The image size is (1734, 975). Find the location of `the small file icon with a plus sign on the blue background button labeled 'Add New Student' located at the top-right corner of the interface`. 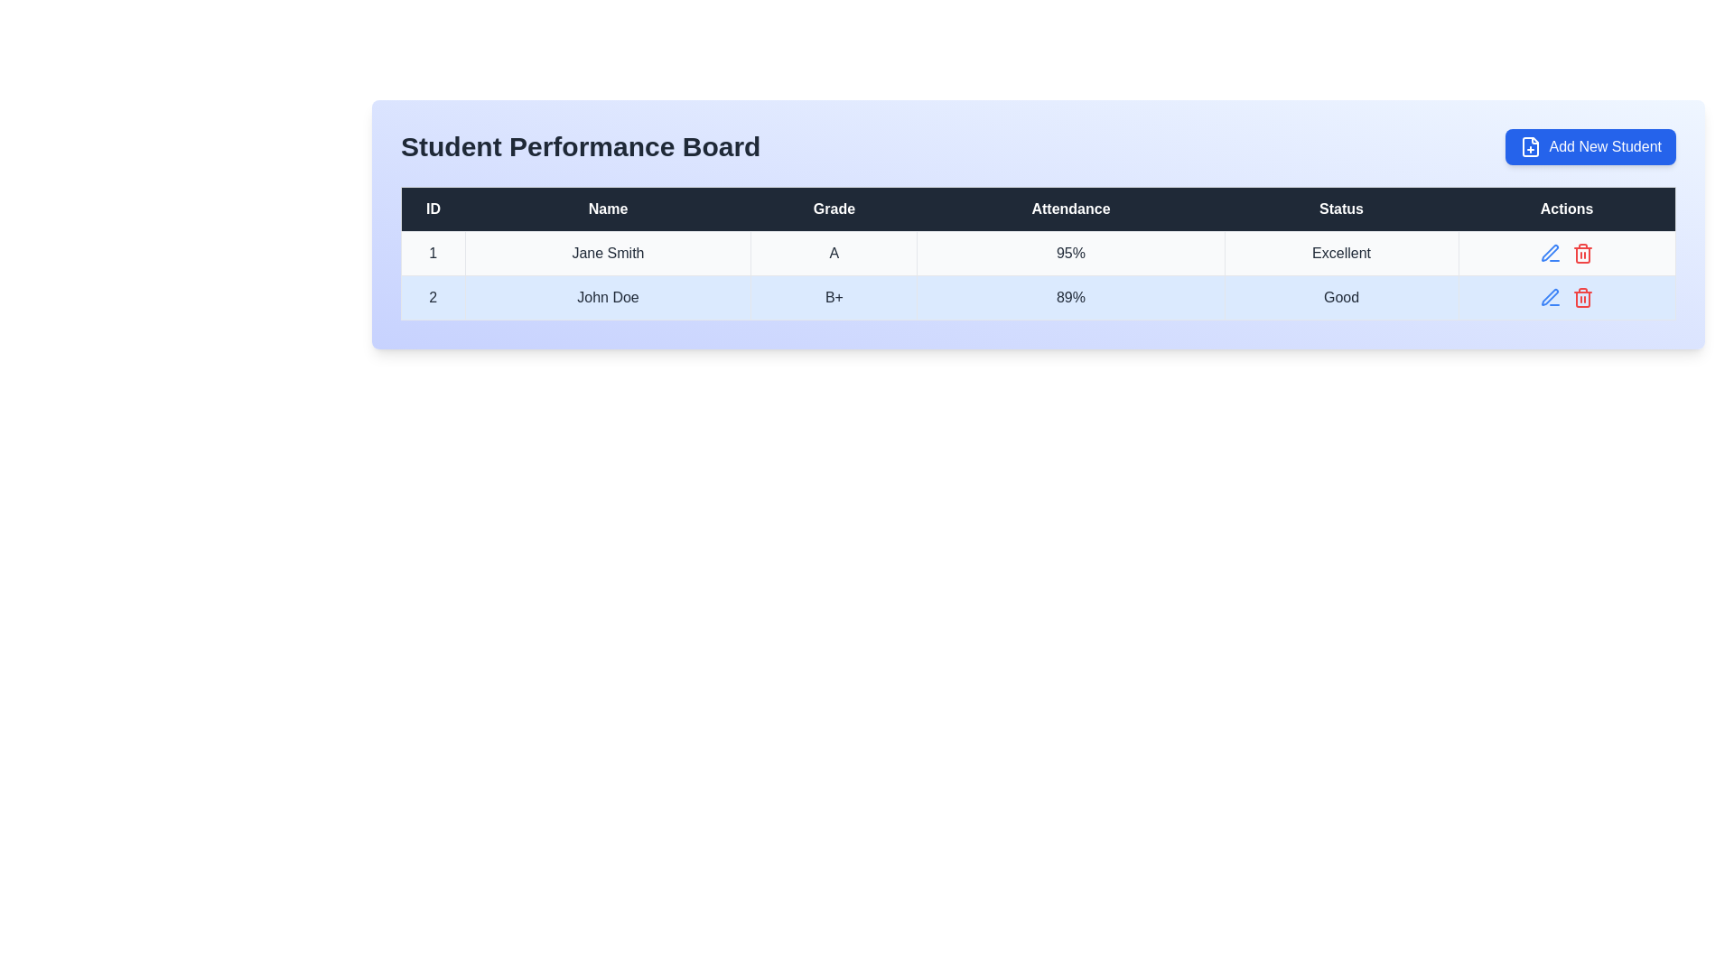

the small file icon with a plus sign on the blue background button labeled 'Add New Student' located at the top-right corner of the interface is located at coordinates (1530, 145).